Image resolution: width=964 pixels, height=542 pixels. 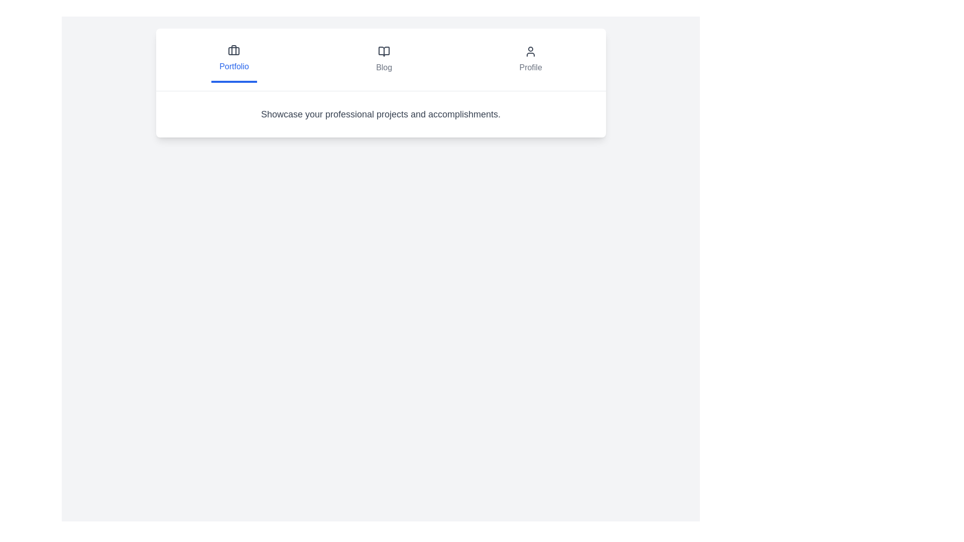 What do you see at coordinates (233, 60) in the screenshot?
I see `the tab labeled Portfolio to observe the visual feedback` at bounding box center [233, 60].